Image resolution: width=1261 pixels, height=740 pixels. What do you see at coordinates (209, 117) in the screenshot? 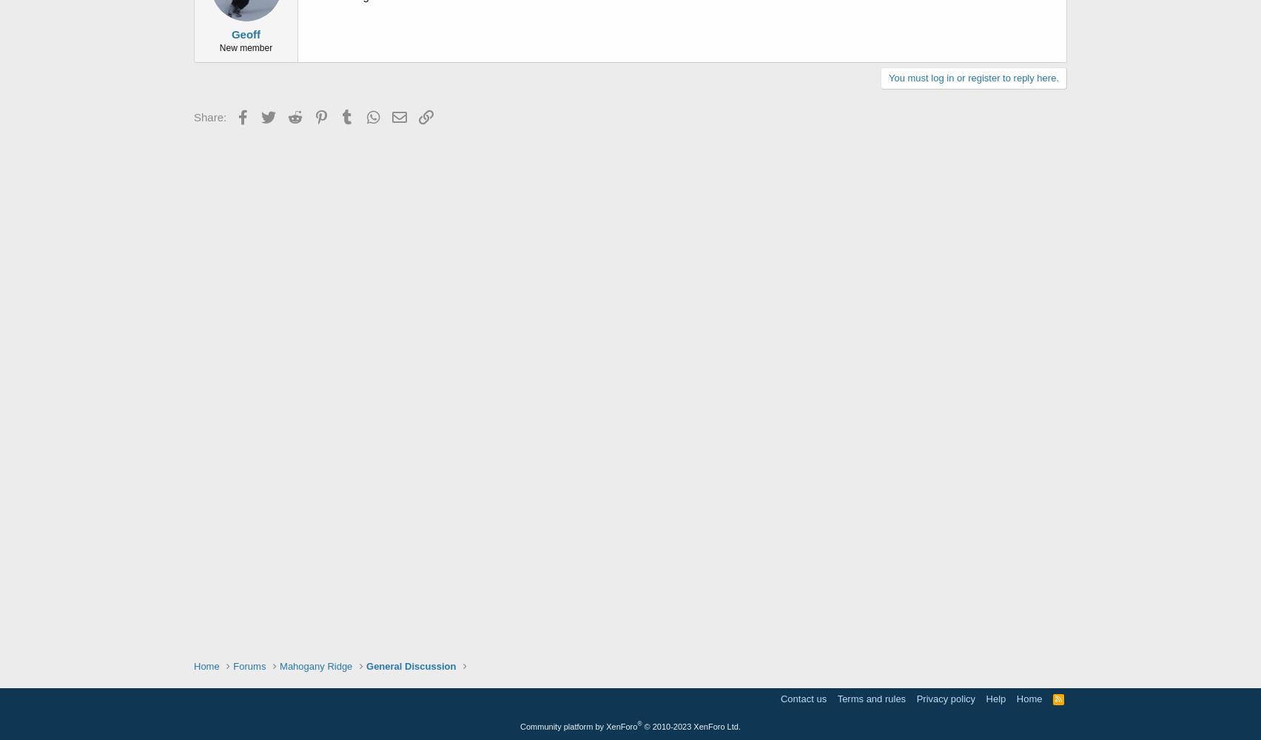
I see `'Share:'` at bounding box center [209, 117].